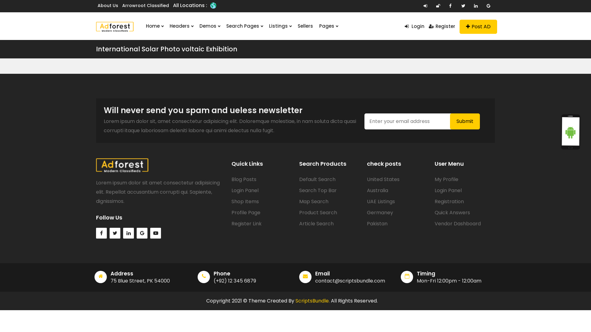  I want to click on 'Headers', so click(181, 26).